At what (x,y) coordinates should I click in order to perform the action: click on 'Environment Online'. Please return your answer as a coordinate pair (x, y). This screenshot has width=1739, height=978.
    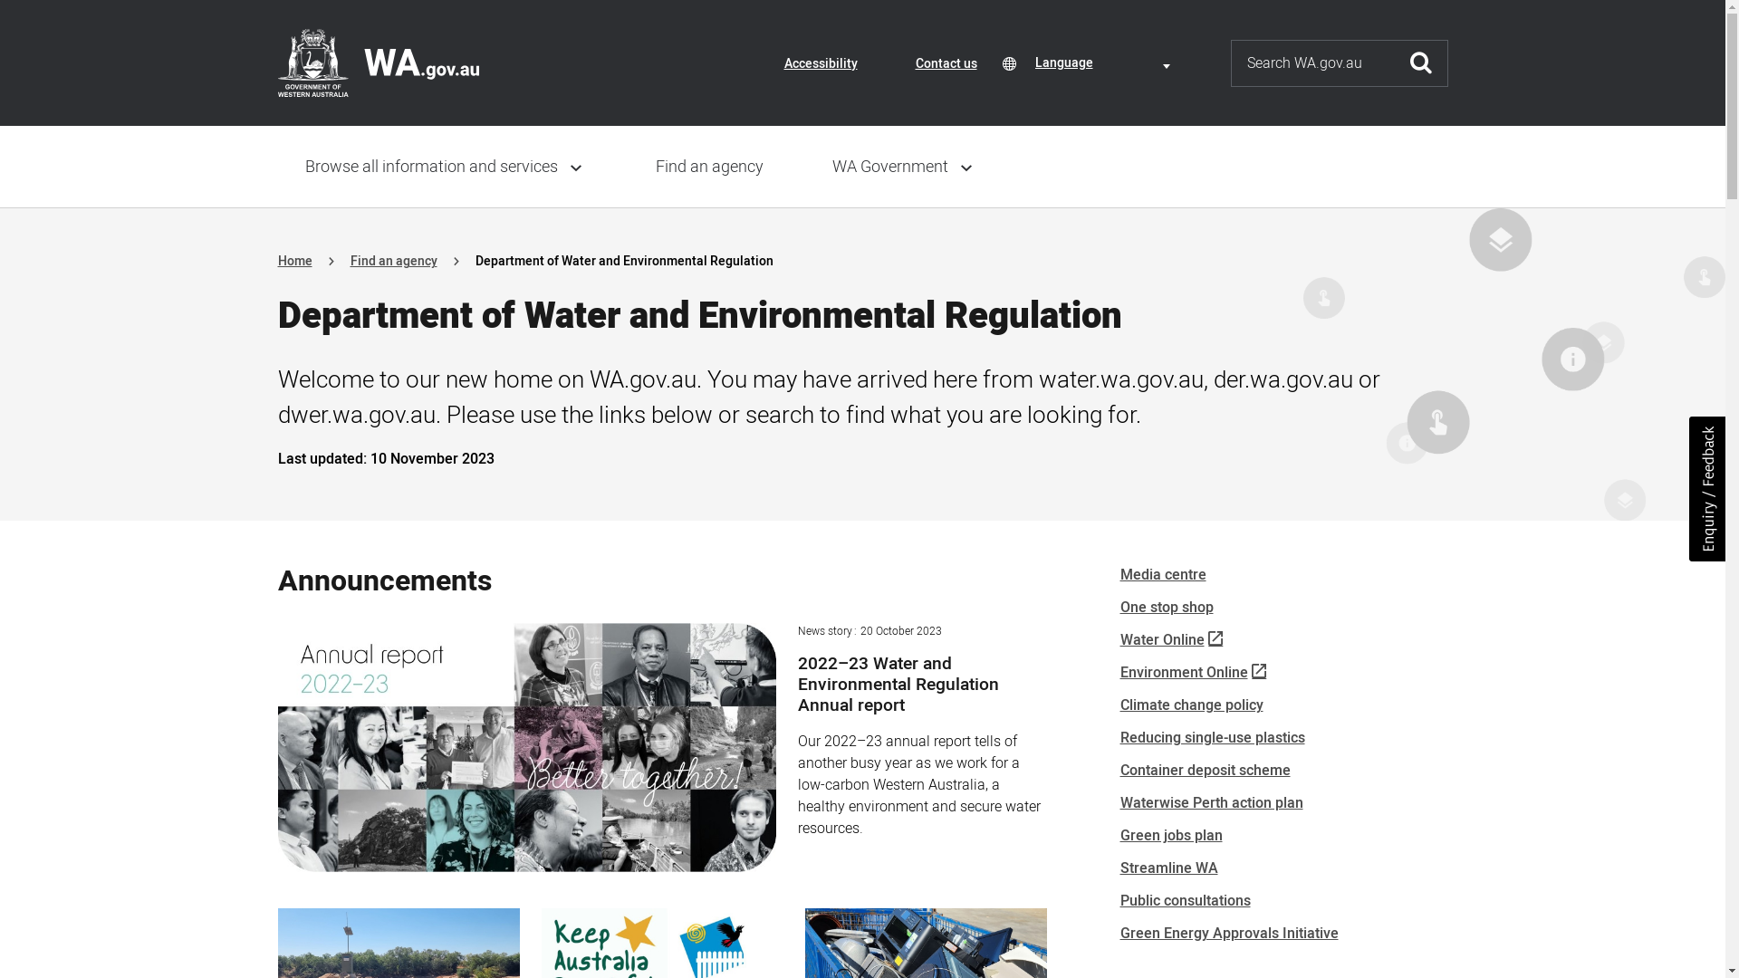
    Looking at the image, I should click on (1192, 673).